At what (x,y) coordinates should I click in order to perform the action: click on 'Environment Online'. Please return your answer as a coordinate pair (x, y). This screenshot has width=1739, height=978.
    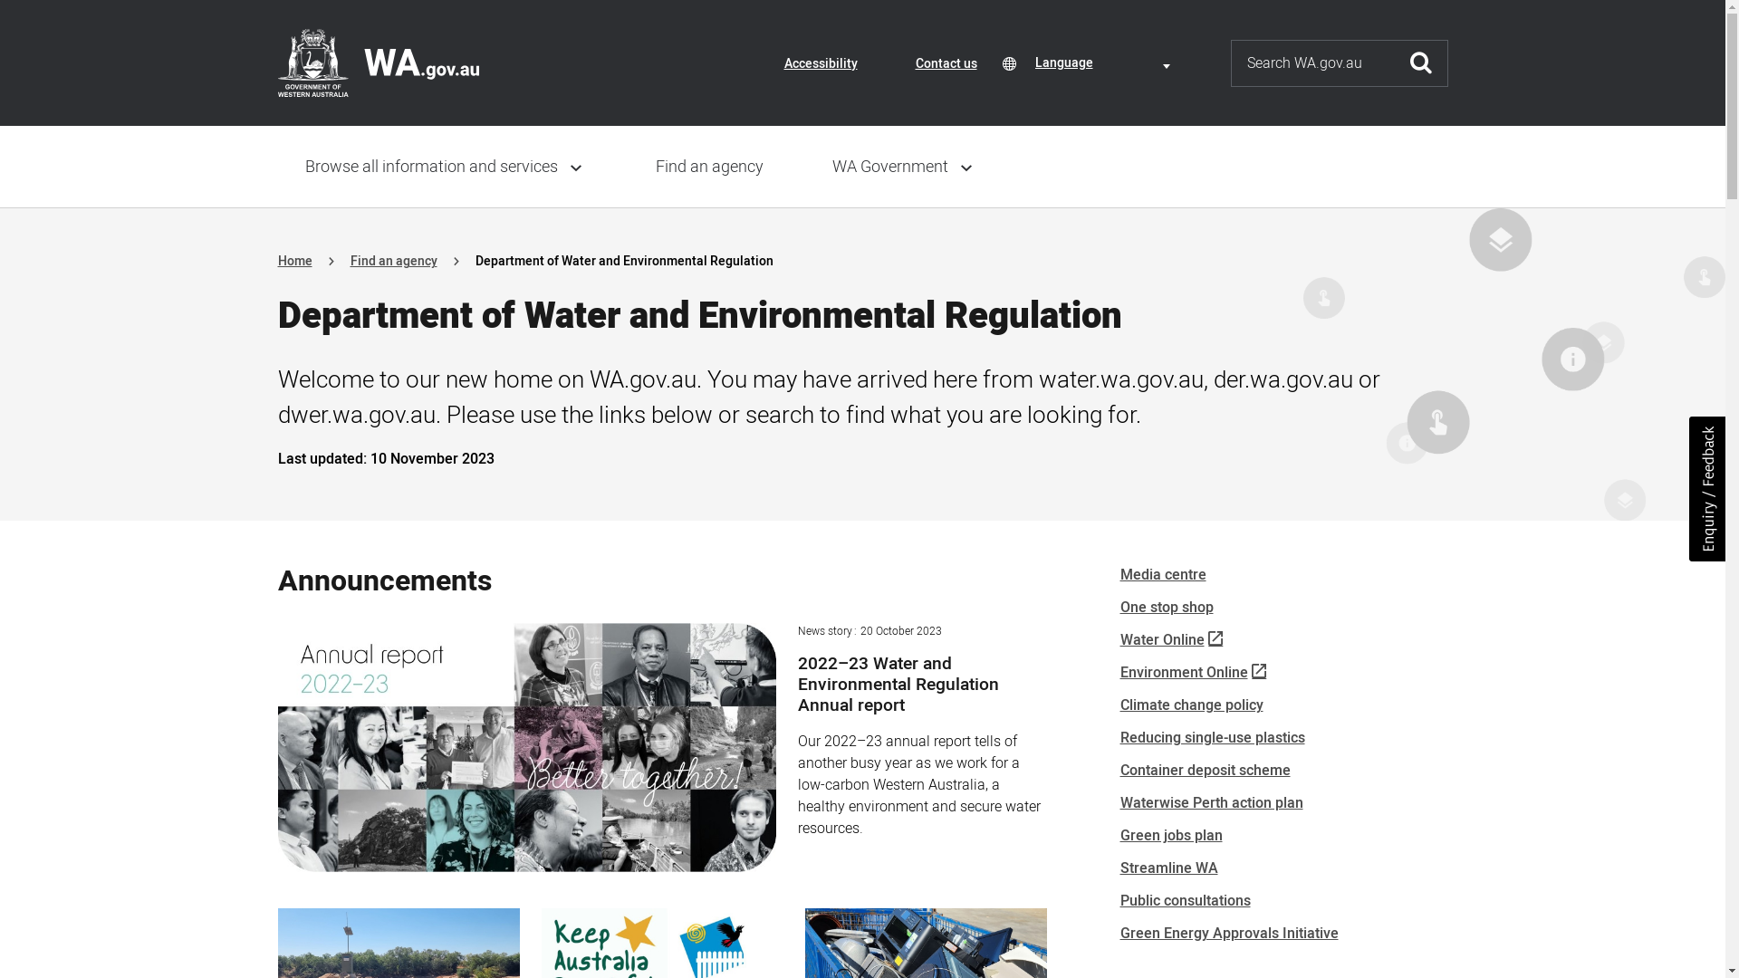
    Looking at the image, I should click on (1192, 673).